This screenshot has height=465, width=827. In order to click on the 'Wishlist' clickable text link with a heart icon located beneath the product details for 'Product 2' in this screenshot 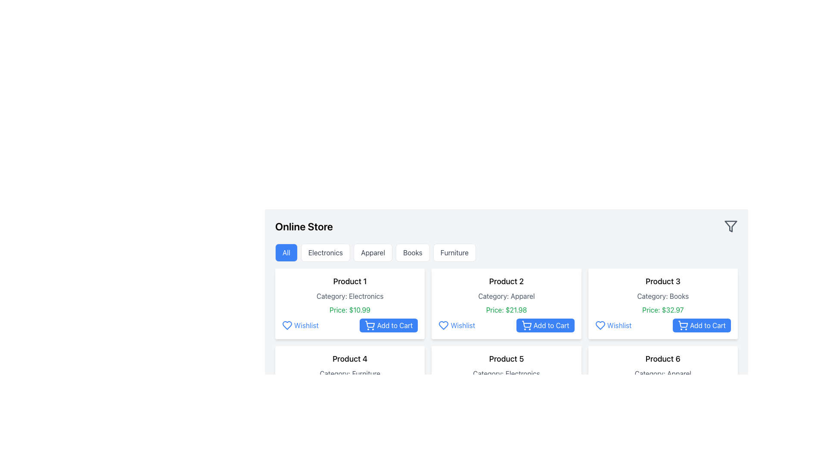, I will do `click(456, 325)`.